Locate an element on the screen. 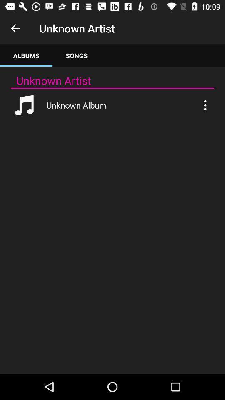 This screenshot has height=400, width=225. item to the left of songs app is located at coordinates (26, 55).